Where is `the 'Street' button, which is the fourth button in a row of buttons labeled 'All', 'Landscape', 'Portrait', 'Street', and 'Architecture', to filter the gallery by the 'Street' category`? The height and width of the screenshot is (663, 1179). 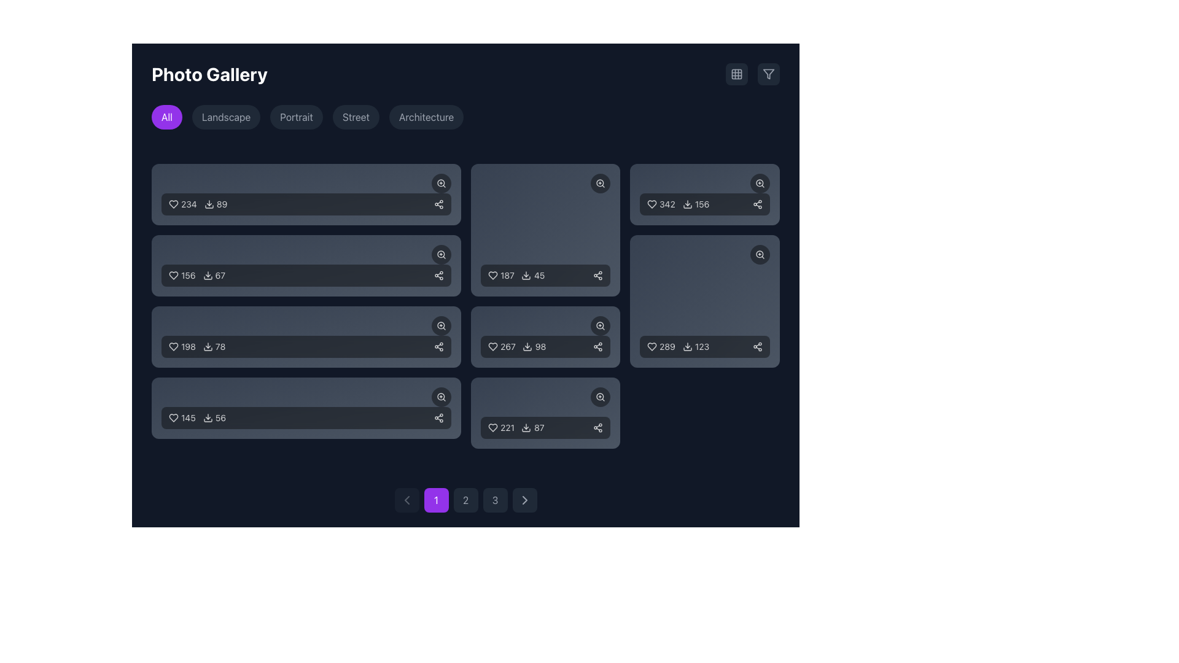
the 'Street' button, which is the fourth button in a row of buttons labeled 'All', 'Landscape', 'Portrait', 'Street', and 'Architecture', to filter the gallery by the 'Street' category is located at coordinates (356, 117).